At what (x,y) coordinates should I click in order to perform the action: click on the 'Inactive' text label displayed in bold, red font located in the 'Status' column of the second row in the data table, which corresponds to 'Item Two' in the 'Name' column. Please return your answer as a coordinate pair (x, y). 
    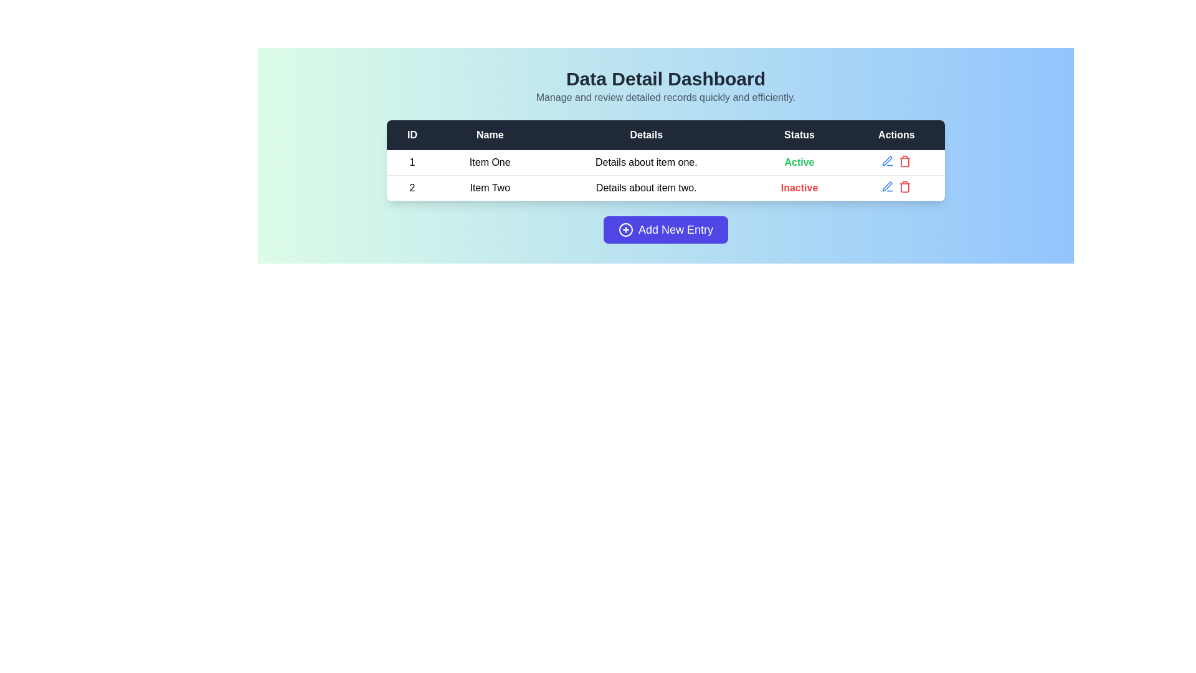
    Looking at the image, I should click on (799, 188).